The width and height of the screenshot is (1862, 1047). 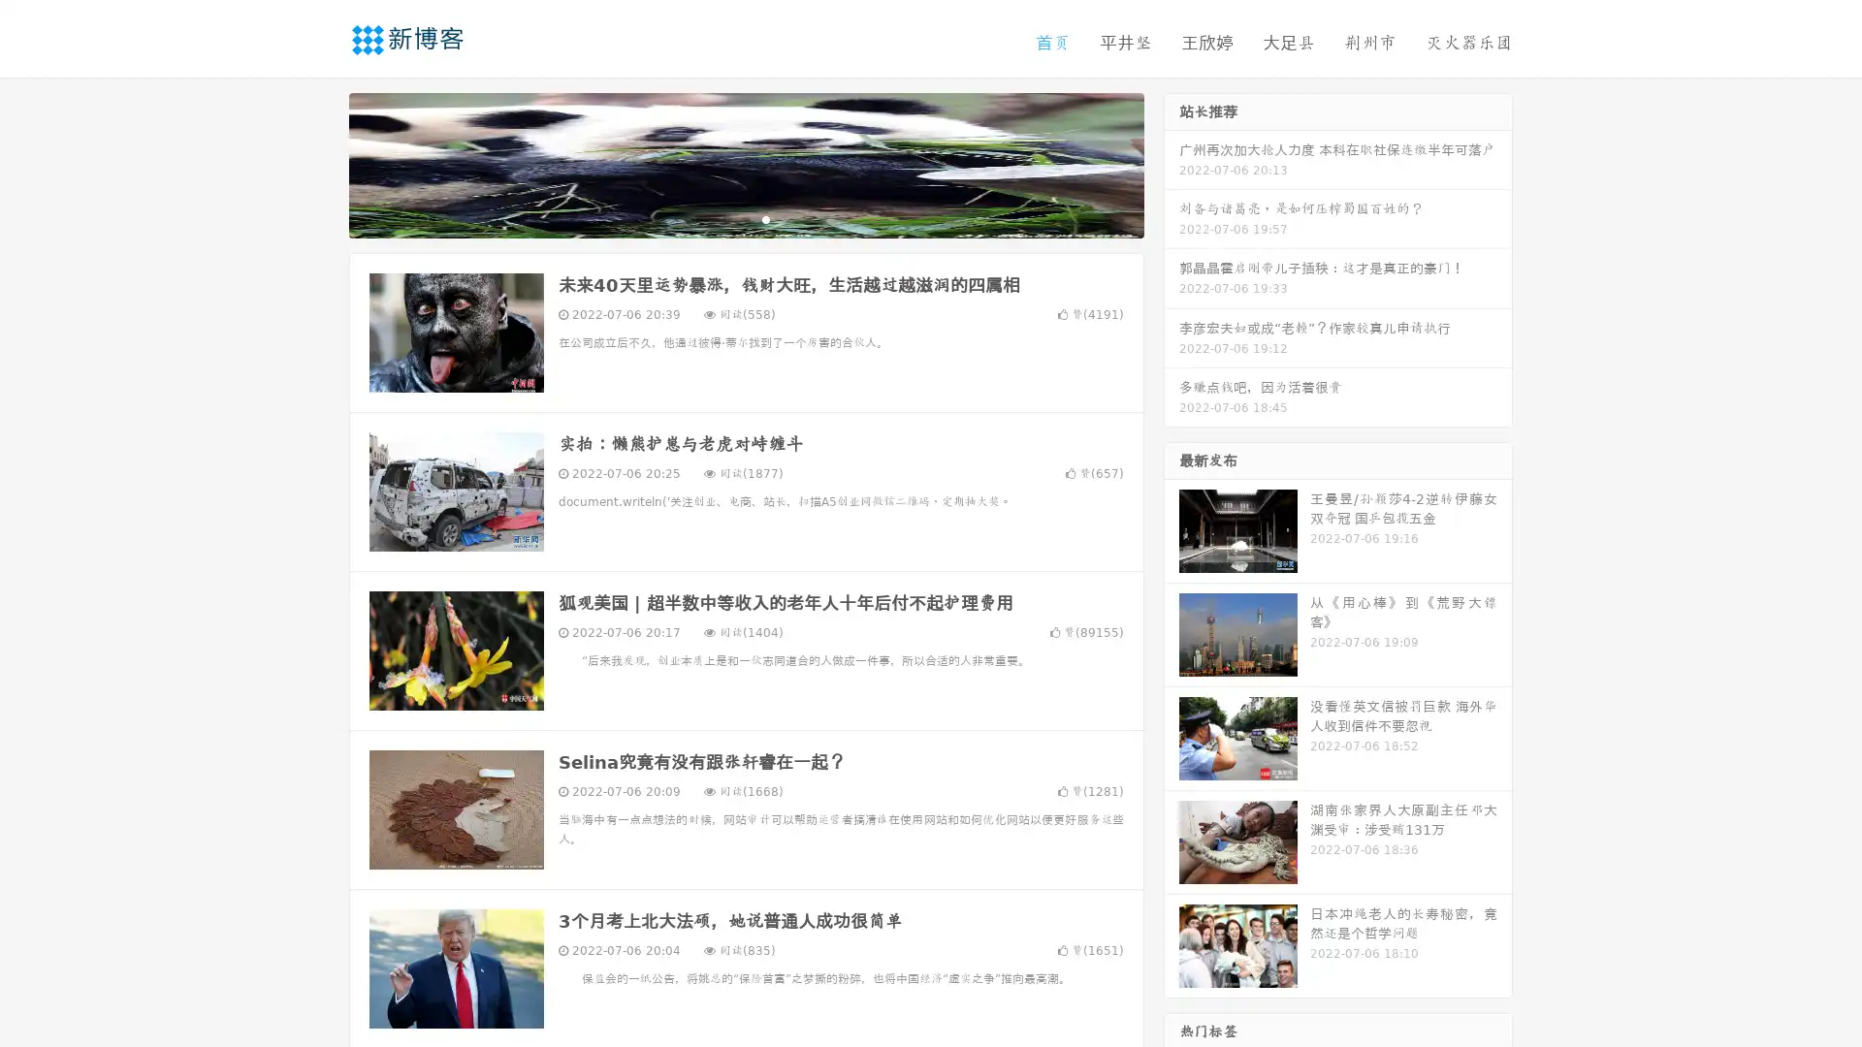 What do you see at coordinates (745, 218) in the screenshot?
I see `Go to slide 2` at bounding box center [745, 218].